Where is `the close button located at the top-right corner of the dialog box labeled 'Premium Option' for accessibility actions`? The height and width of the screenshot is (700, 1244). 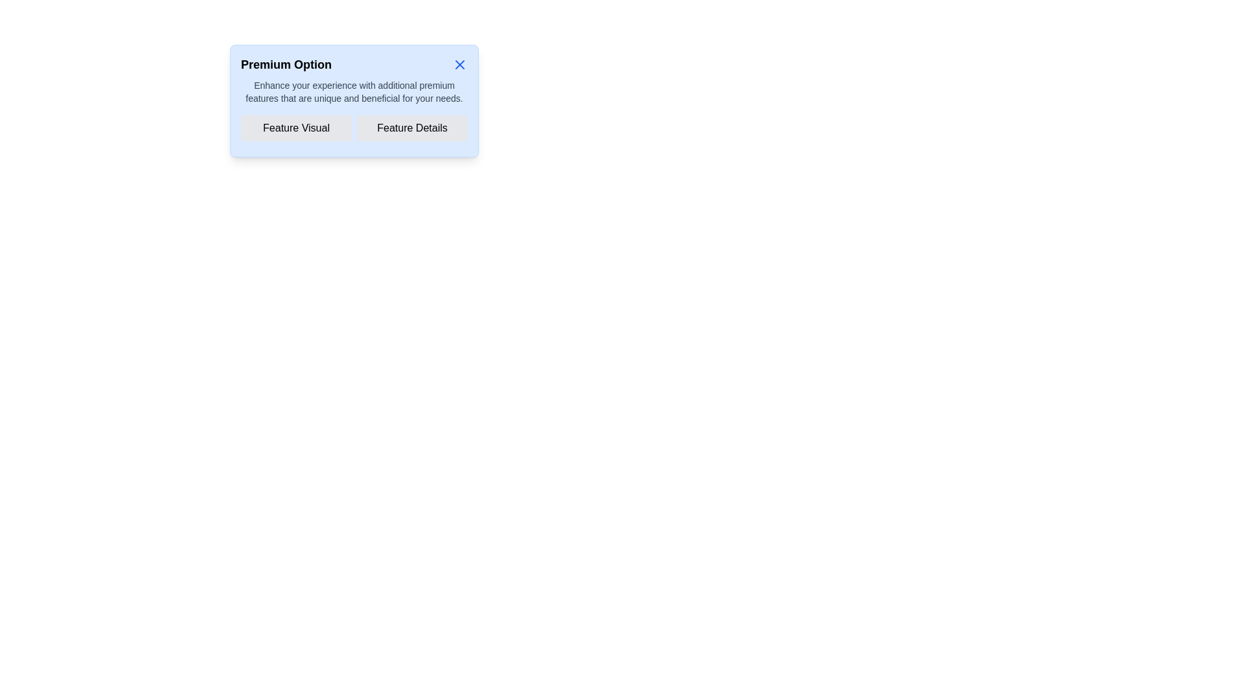
the close button located at the top-right corner of the dialog box labeled 'Premium Option' for accessibility actions is located at coordinates (460, 65).